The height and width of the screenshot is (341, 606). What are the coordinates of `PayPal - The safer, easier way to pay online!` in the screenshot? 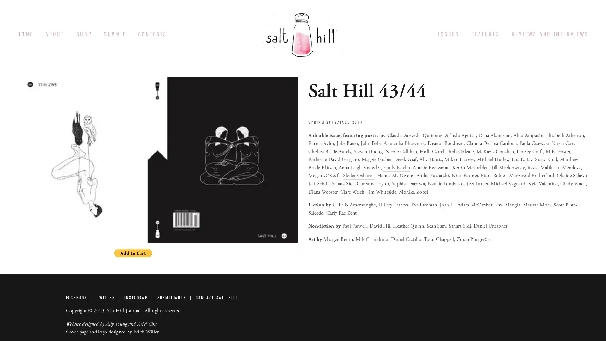 It's located at (133, 253).